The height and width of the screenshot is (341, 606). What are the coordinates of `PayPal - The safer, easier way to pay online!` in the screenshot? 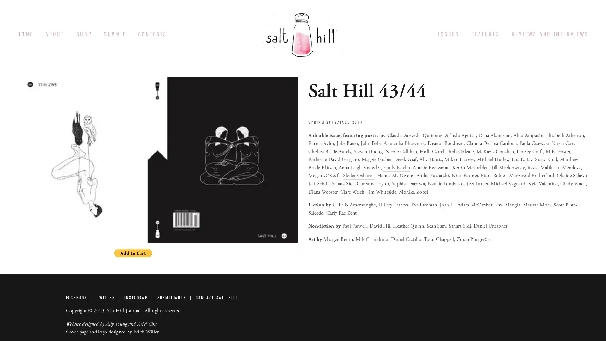 It's located at (133, 253).